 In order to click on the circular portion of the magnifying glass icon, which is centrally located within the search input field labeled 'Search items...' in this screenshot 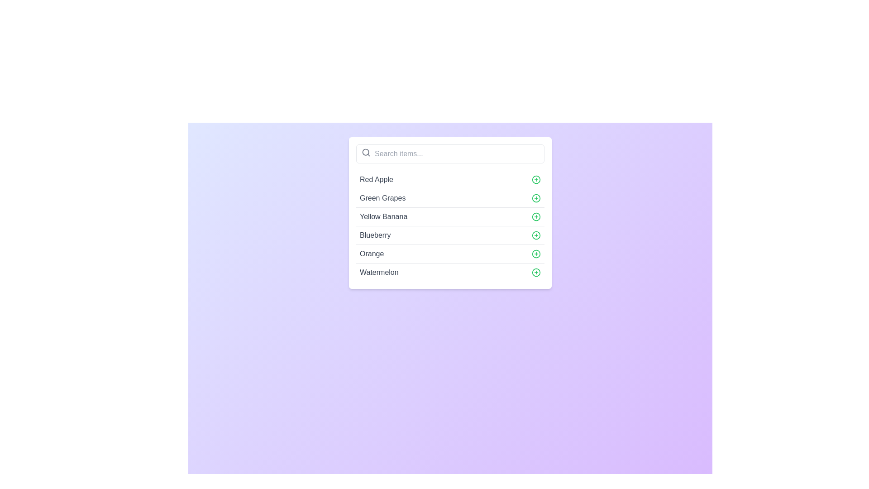, I will do `click(366, 152)`.